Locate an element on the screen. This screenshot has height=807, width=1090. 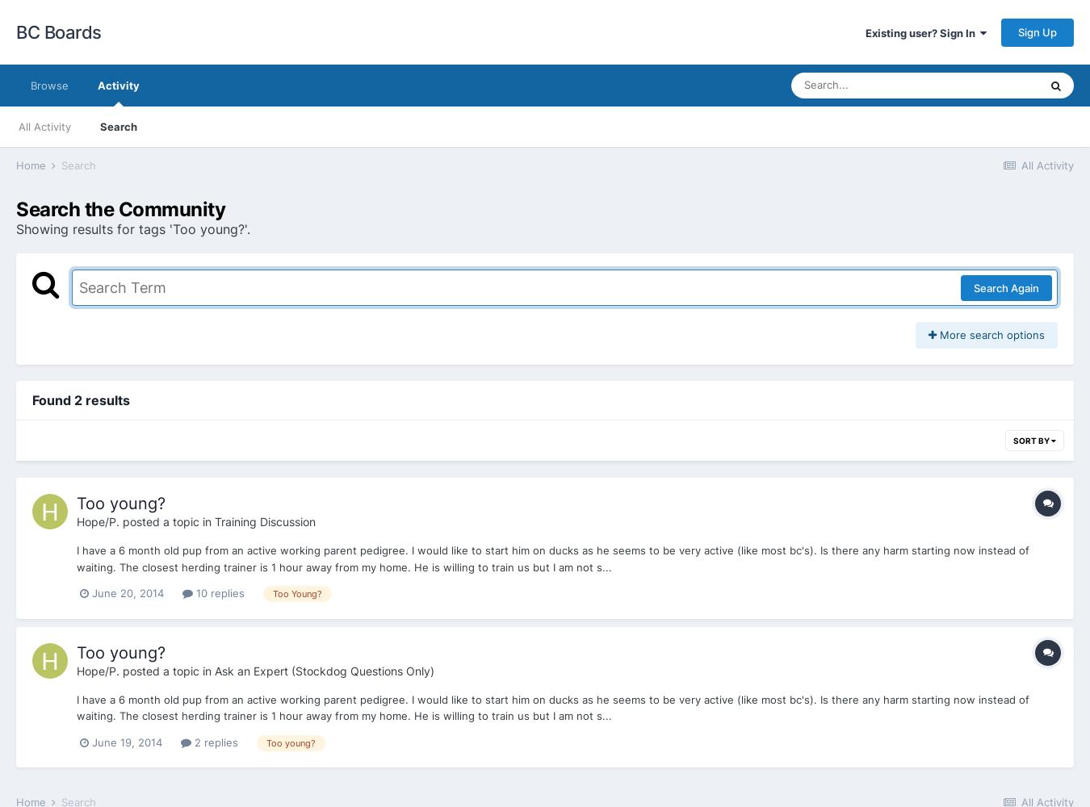
'Found 2 results' is located at coordinates (80, 399).